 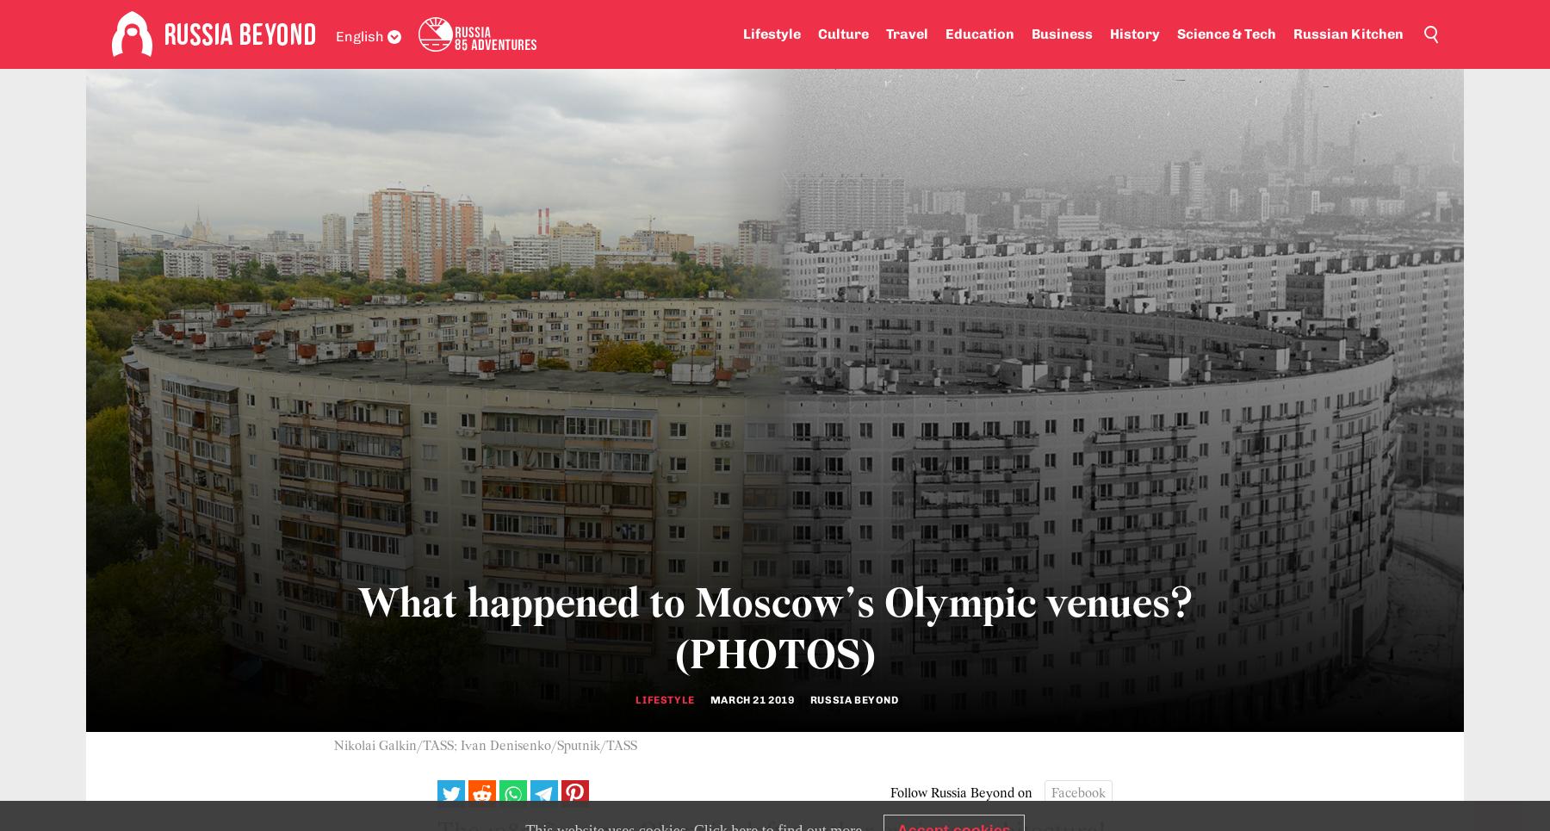 I want to click on 'March 21 2019', so click(x=752, y=700).